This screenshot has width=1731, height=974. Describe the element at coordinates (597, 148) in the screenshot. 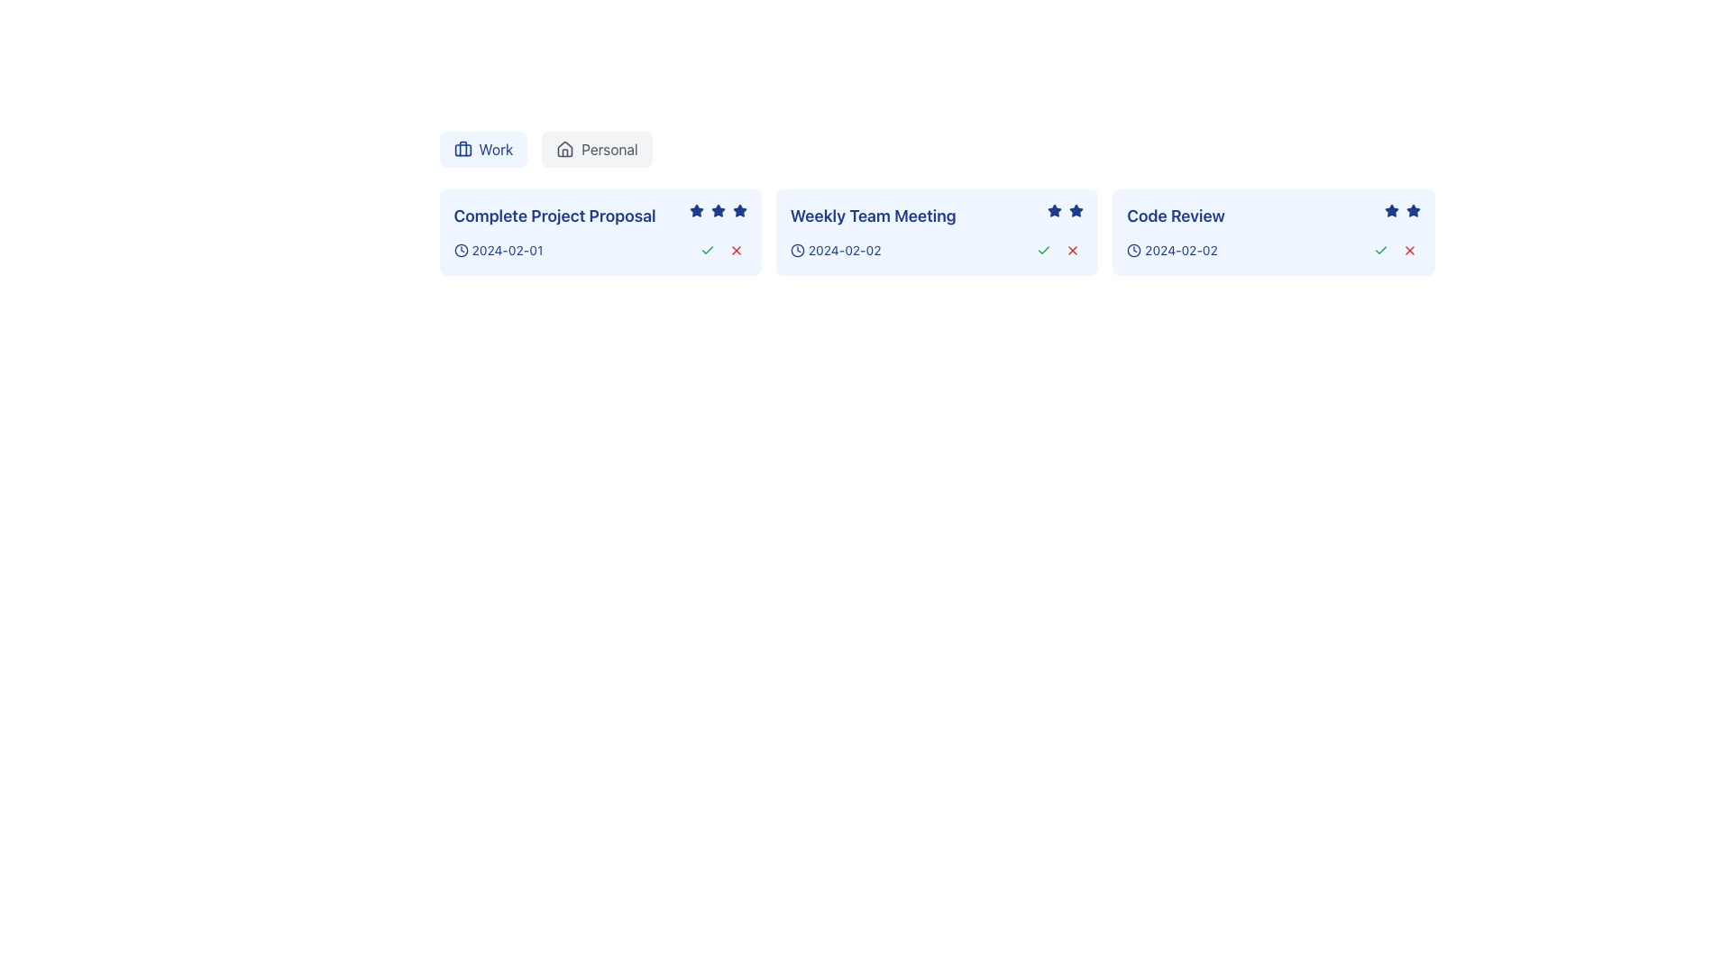

I see `the 'Personal' button, which is a rectangular button with a light gray background, a house icon on the left, and the text 'Personal' on the right` at that location.